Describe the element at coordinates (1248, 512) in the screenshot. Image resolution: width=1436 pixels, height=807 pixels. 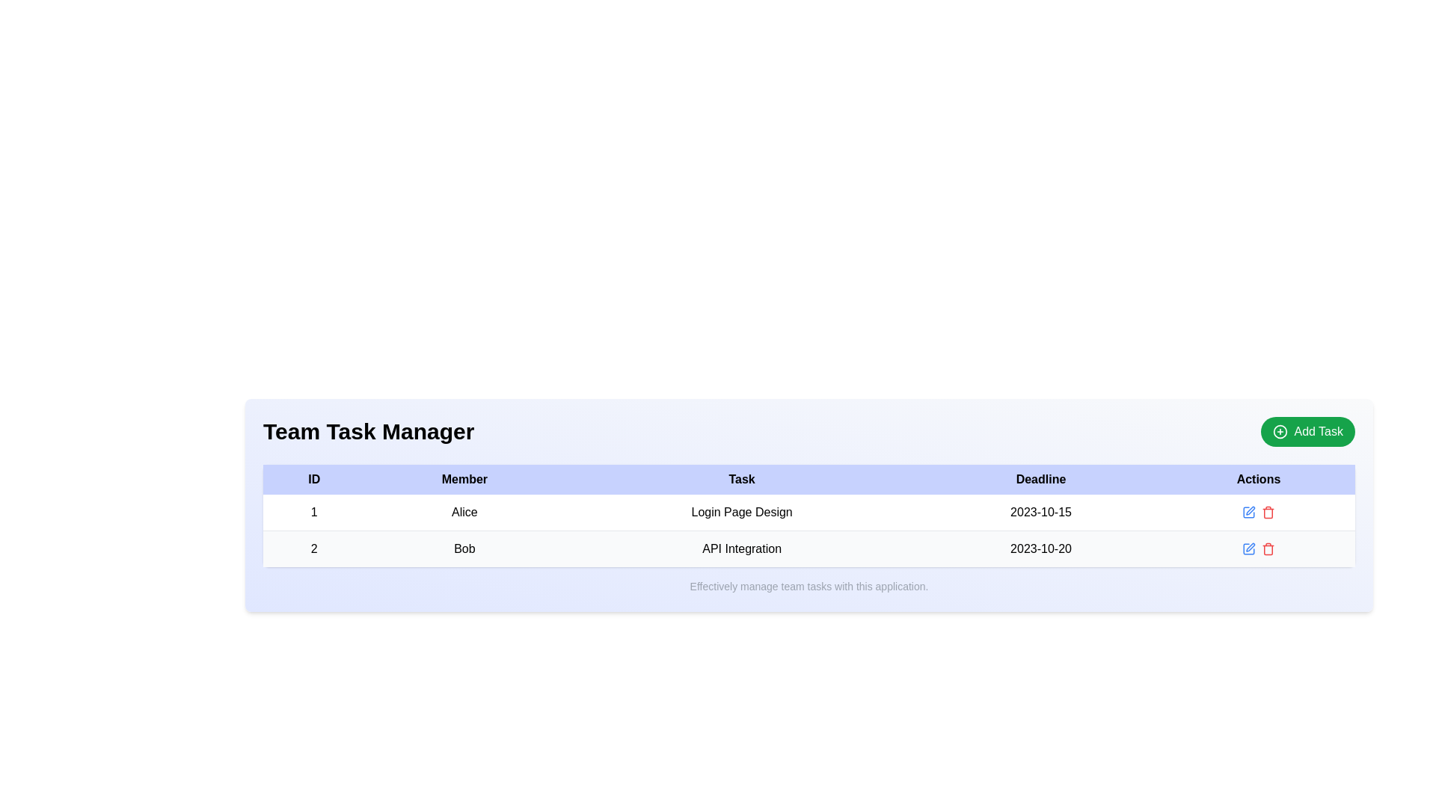
I see `the edit button (pencil icon) located in the 'Actions' column of the first row in the 'Team Task Manager' section` at that location.